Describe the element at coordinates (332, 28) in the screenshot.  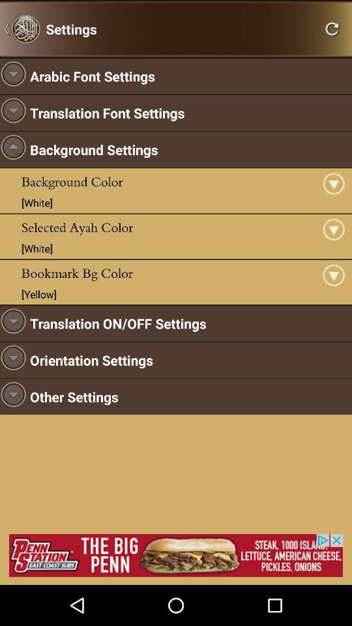
I see `refresh` at that location.